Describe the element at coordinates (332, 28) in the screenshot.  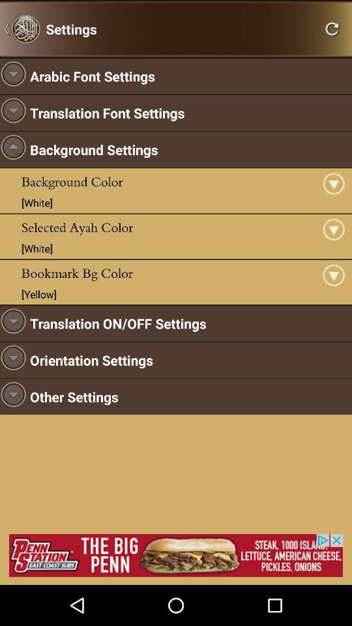
I see `refresh` at that location.